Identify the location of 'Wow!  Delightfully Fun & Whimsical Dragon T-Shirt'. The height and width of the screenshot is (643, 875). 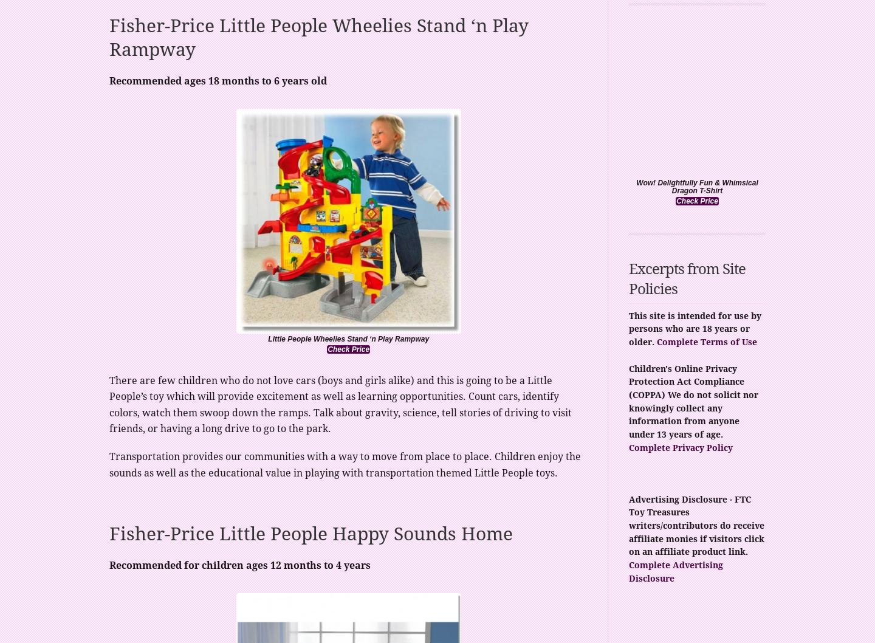
(696, 186).